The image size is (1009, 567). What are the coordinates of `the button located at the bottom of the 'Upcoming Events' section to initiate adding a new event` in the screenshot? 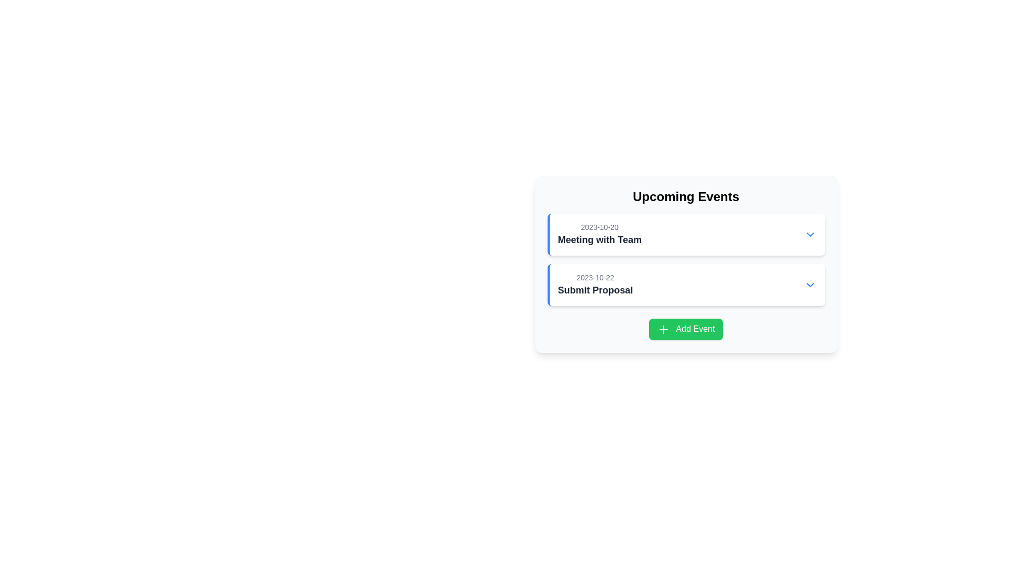 It's located at (686, 329).